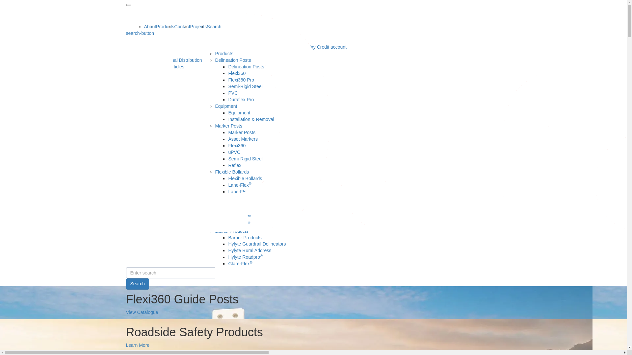 The image size is (632, 355). I want to click on 'Barrier Products', so click(231, 230).